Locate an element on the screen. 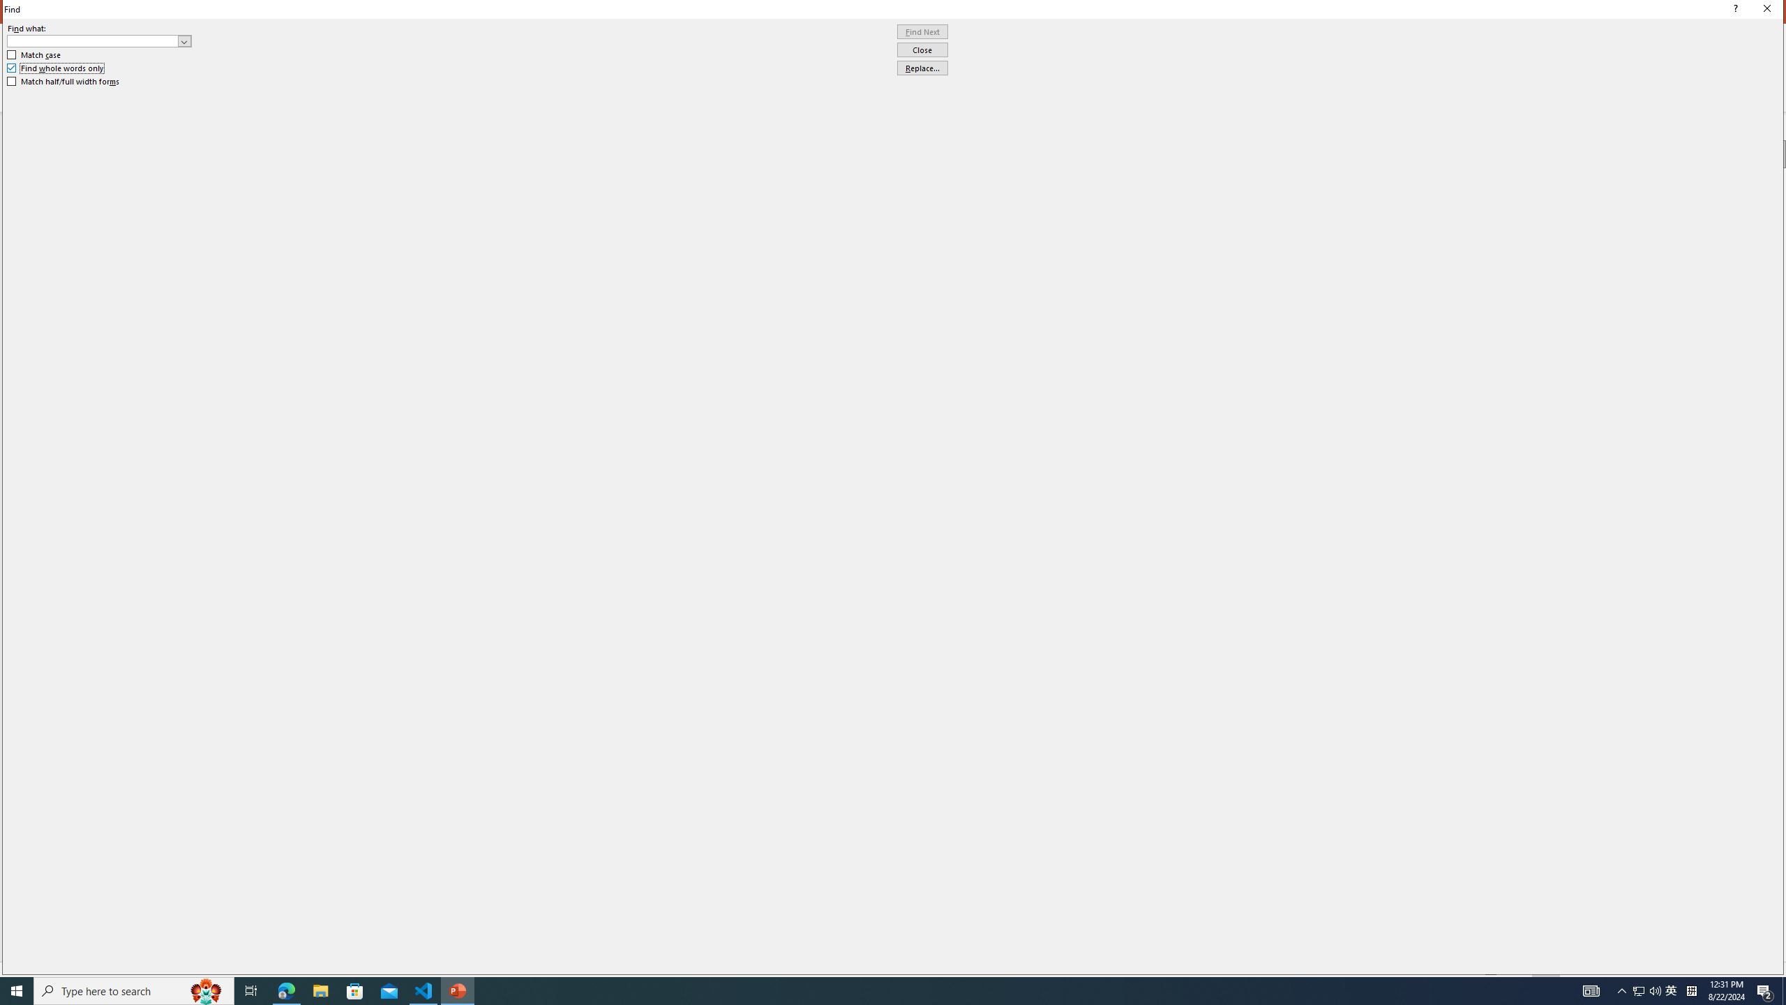  'Find what' is located at coordinates (93, 40).